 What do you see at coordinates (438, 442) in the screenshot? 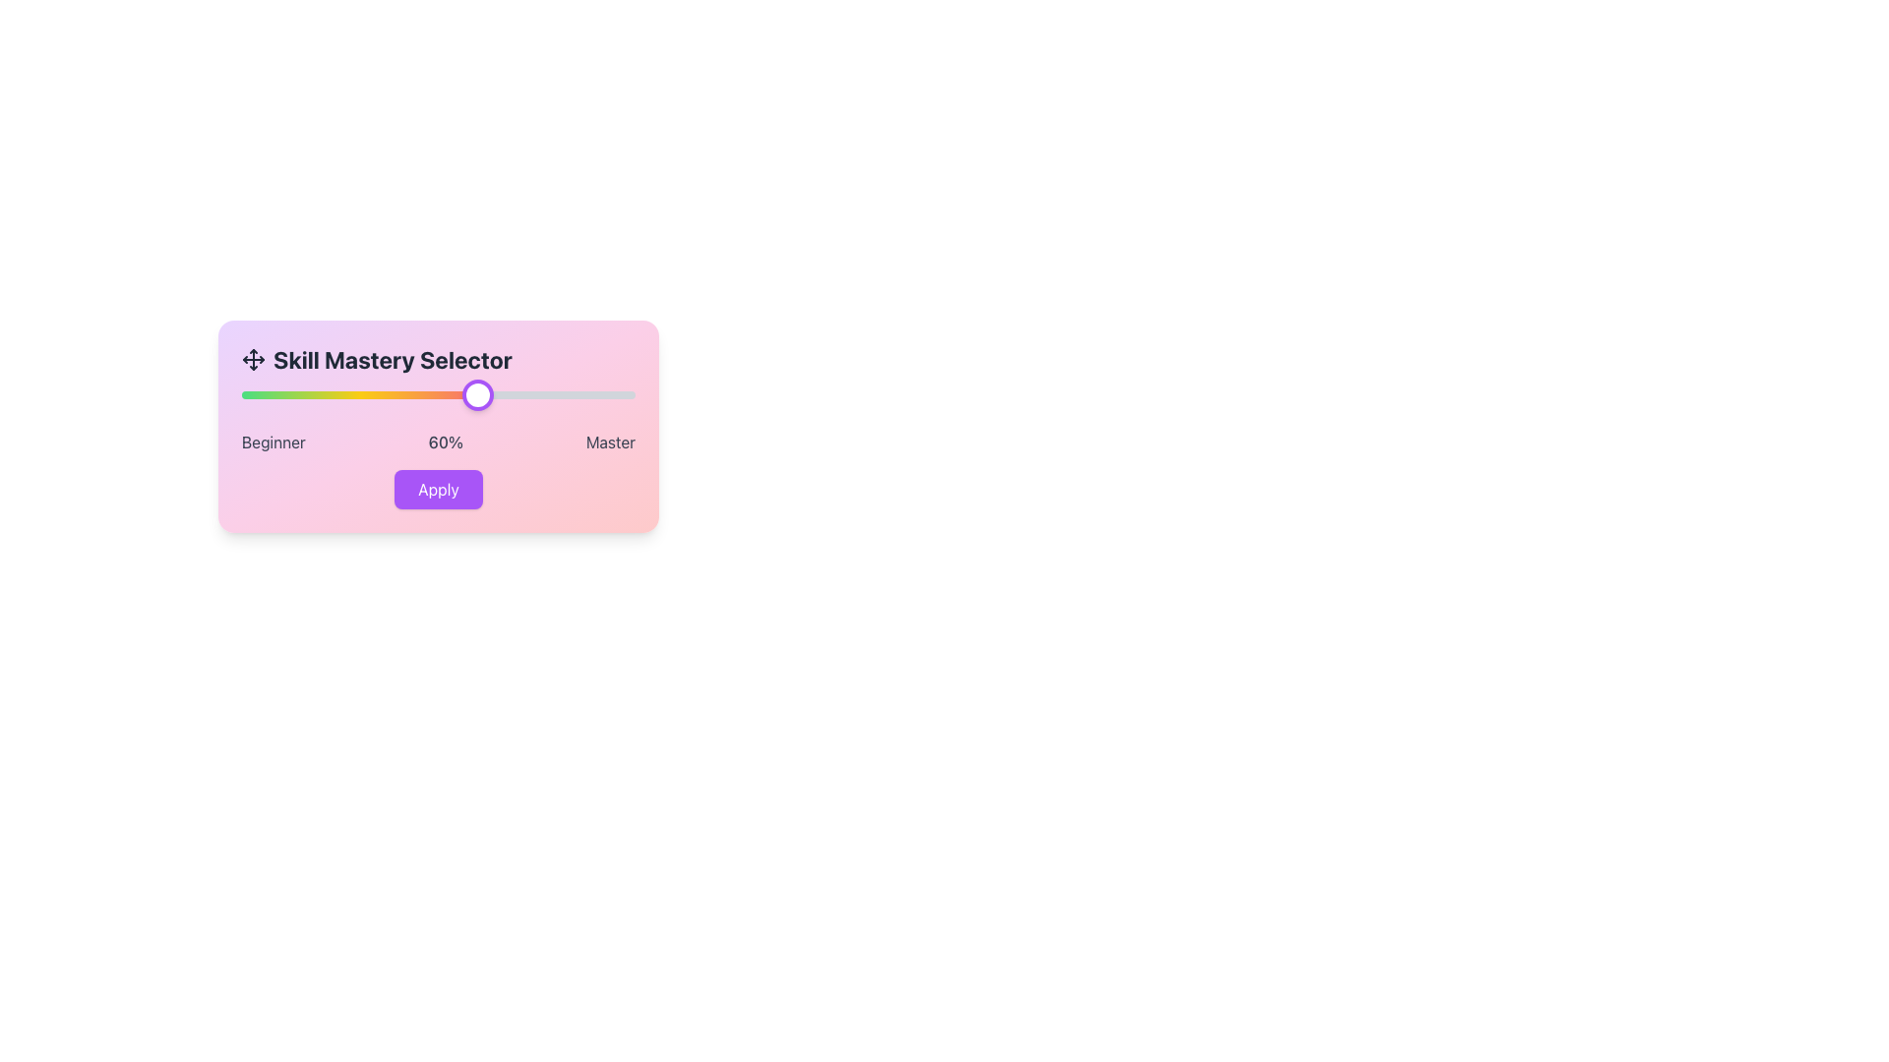
I see `the static label group that indicates skill level, showing the proficiency scale from 'Beginner' to 'Master' with the current selection being 60%` at bounding box center [438, 442].